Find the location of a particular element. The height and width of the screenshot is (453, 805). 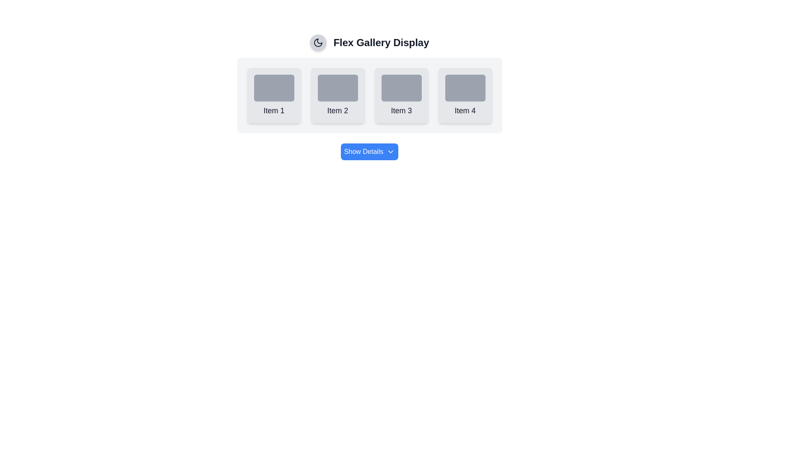

the toggle button located beneath the items labeled 'Item 1' to 'Item 4' in the 'Flex Gallery Display' is located at coordinates (369, 146).